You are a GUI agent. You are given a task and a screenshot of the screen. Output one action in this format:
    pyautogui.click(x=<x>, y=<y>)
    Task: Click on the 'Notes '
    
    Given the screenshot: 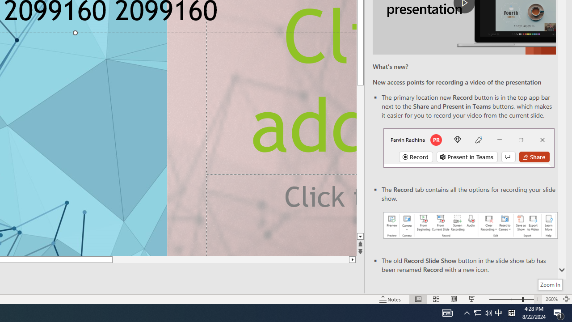 What is the action you would take?
    pyautogui.click(x=391, y=299)
    